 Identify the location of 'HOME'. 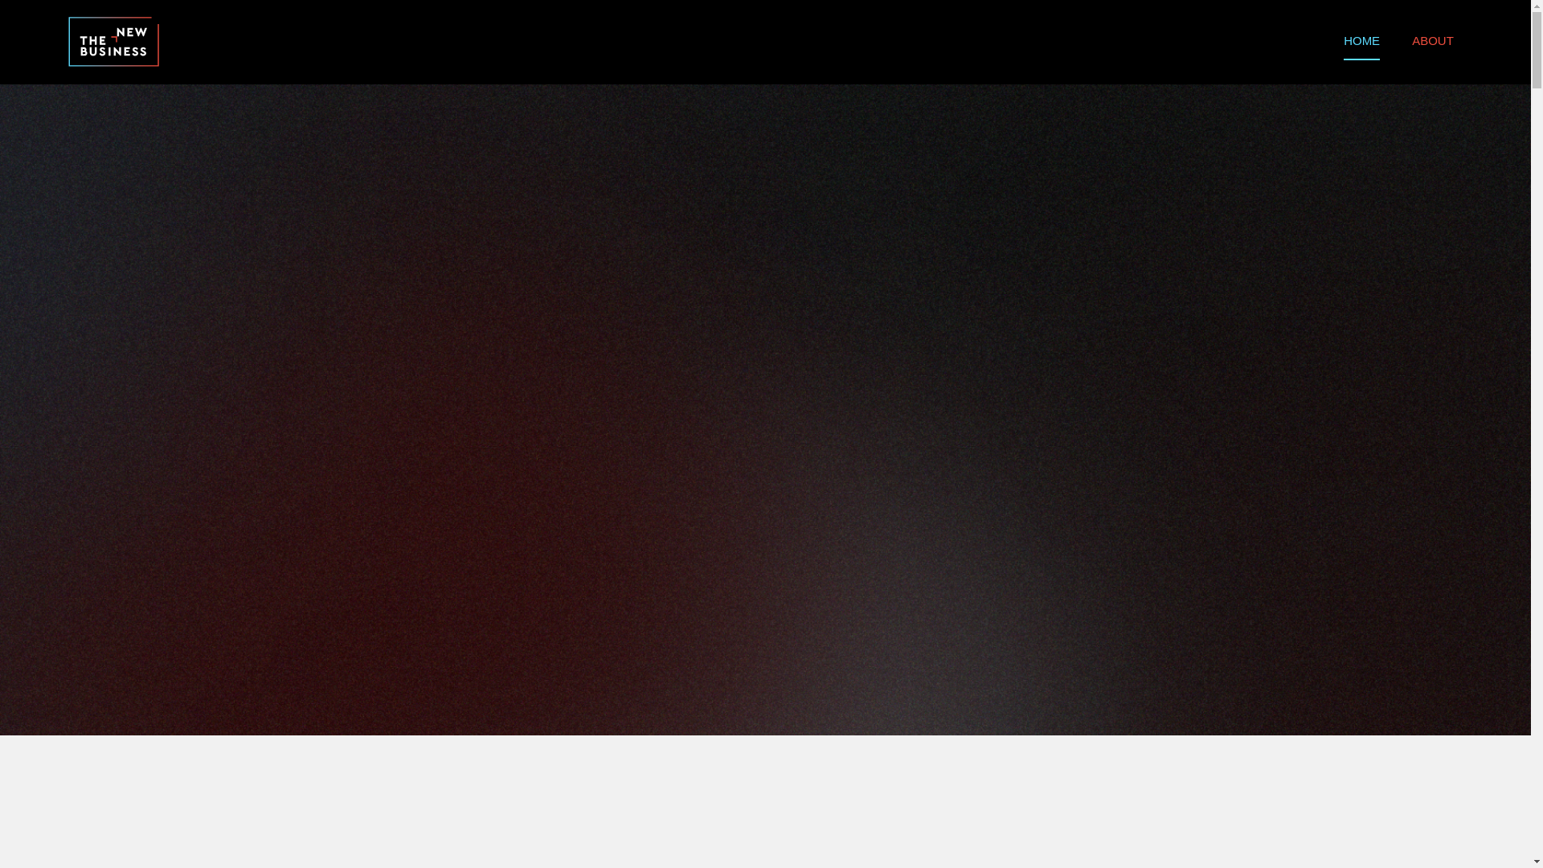
(1361, 37).